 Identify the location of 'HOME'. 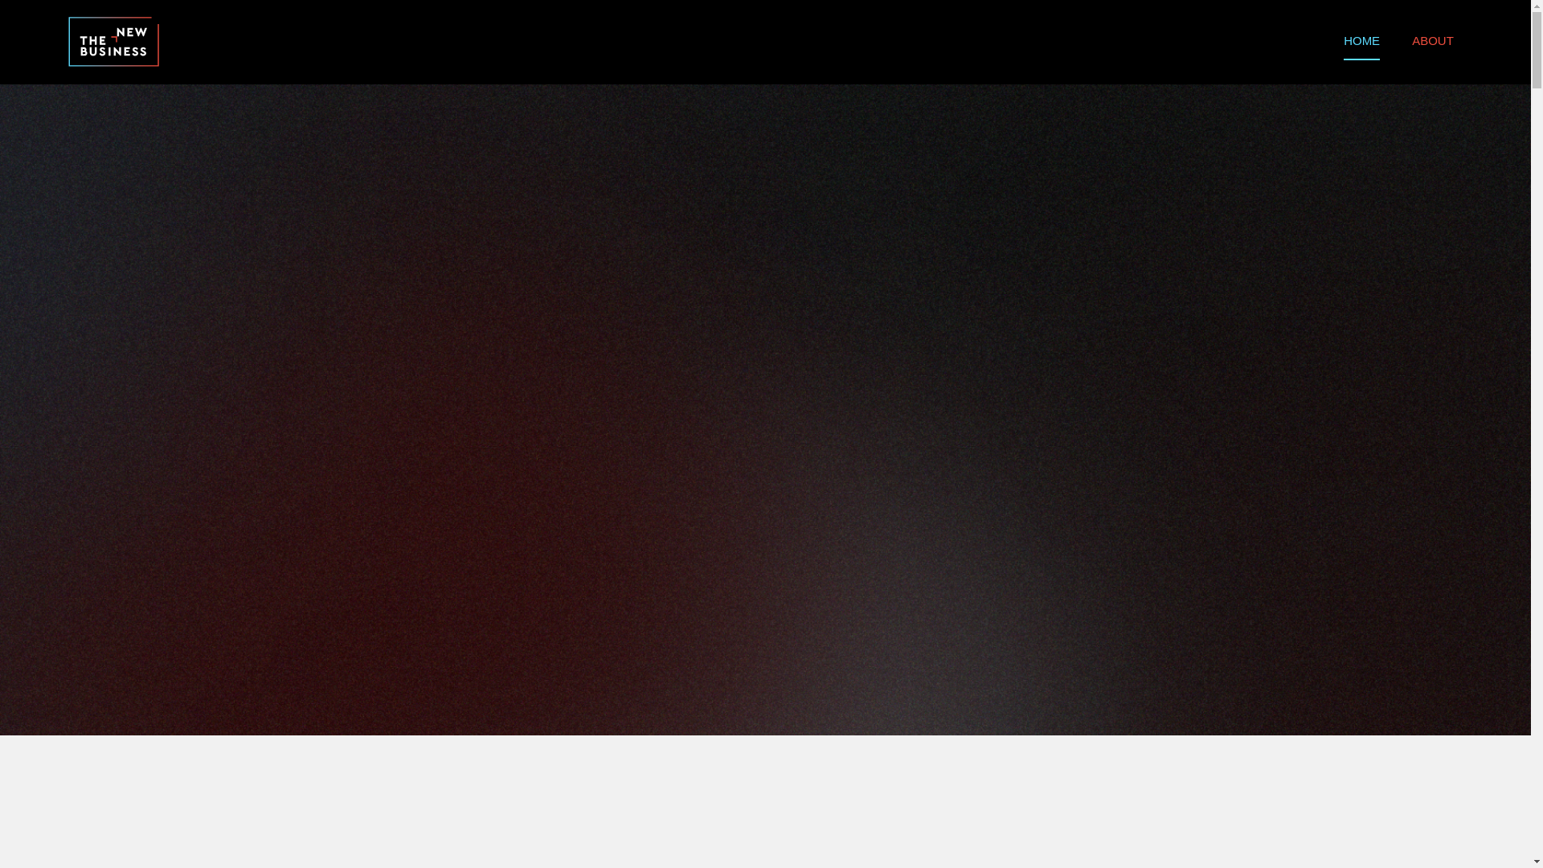
(1361, 37).